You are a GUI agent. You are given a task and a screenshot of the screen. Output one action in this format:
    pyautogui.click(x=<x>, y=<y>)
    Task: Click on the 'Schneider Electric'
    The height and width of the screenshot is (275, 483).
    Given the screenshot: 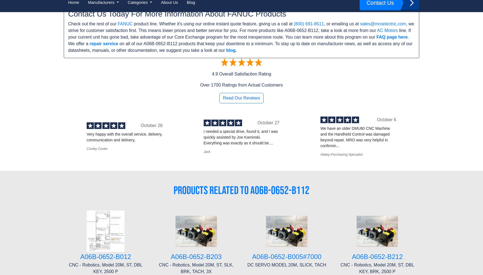 What is the action you would take?
    pyautogui.click(x=172, y=183)
    